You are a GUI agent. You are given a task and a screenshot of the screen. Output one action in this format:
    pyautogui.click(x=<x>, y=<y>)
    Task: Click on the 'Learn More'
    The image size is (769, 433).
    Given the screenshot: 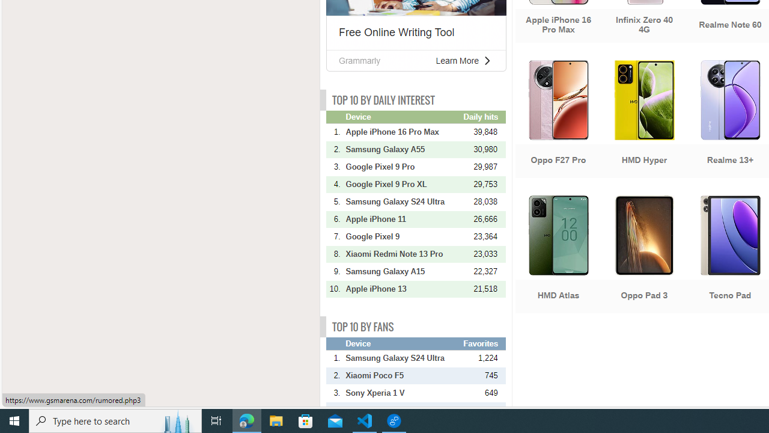 What is the action you would take?
    pyautogui.click(x=456, y=60)
    